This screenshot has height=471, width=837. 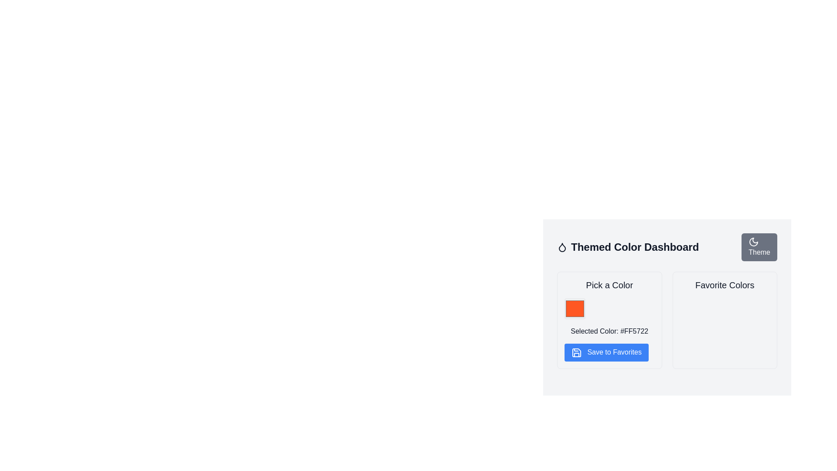 What do you see at coordinates (753, 242) in the screenshot?
I see `the toggle icon for the nighttime or dark mode feature located in the top-right corner of the themed color dashboard interface, next to the 'Theme' label` at bounding box center [753, 242].